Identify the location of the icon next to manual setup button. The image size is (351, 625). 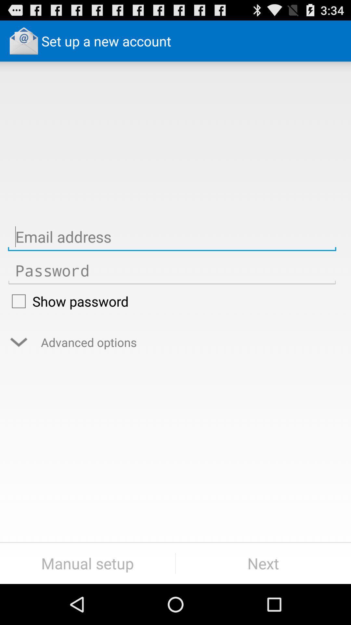
(263, 563).